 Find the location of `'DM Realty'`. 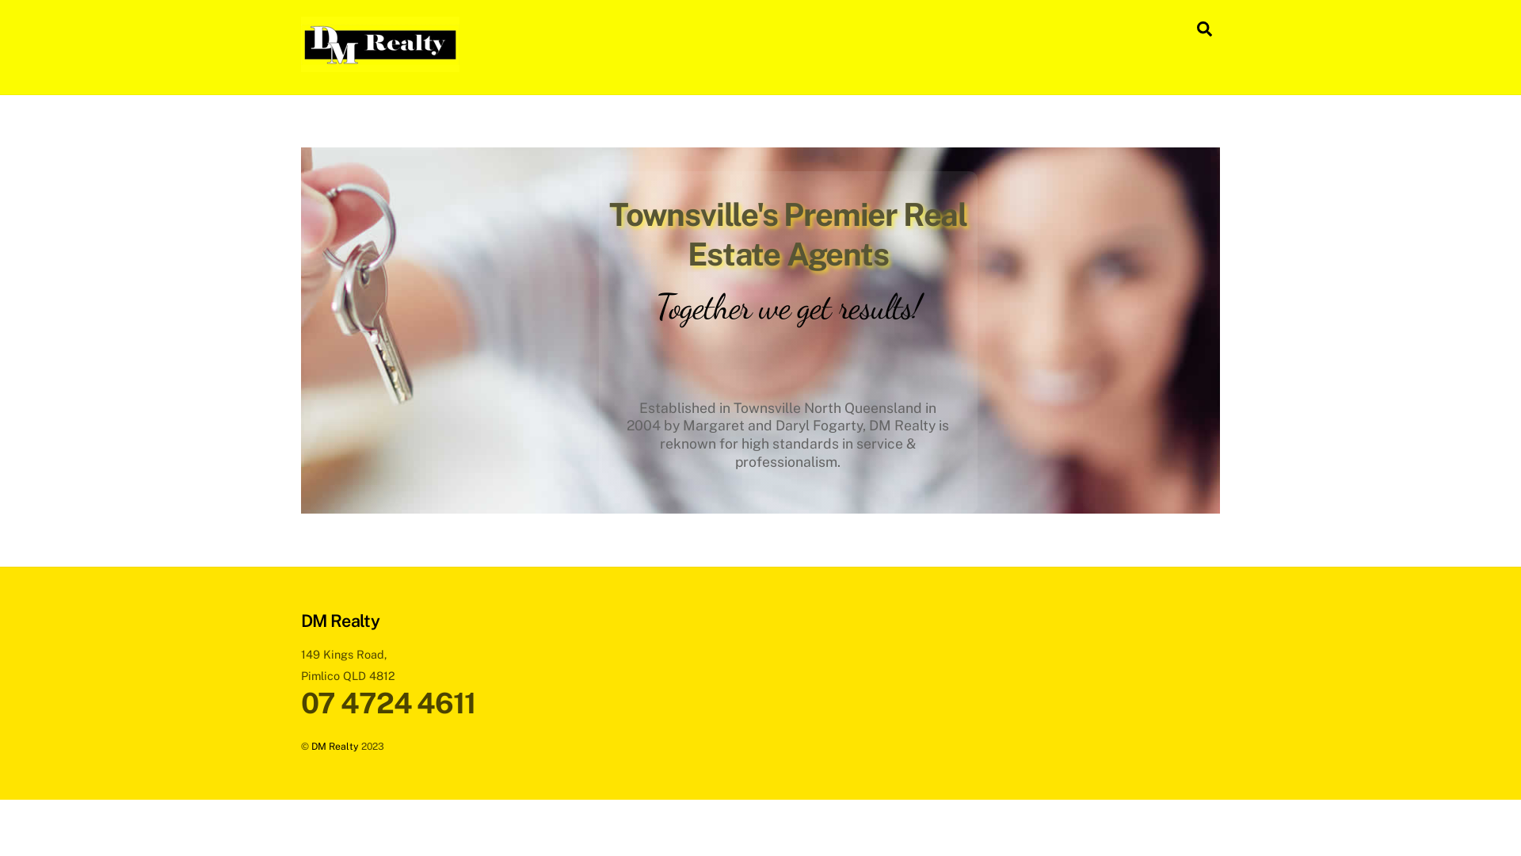

'DM Realty' is located at coordinates (380, 63).